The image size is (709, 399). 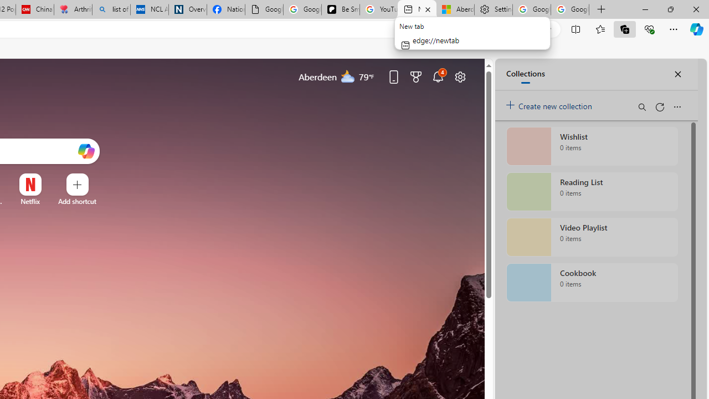 What do you see at coordinates (76, 201) in the screenshot?
I see `'Add a site'` at bounding box center [76, 201].